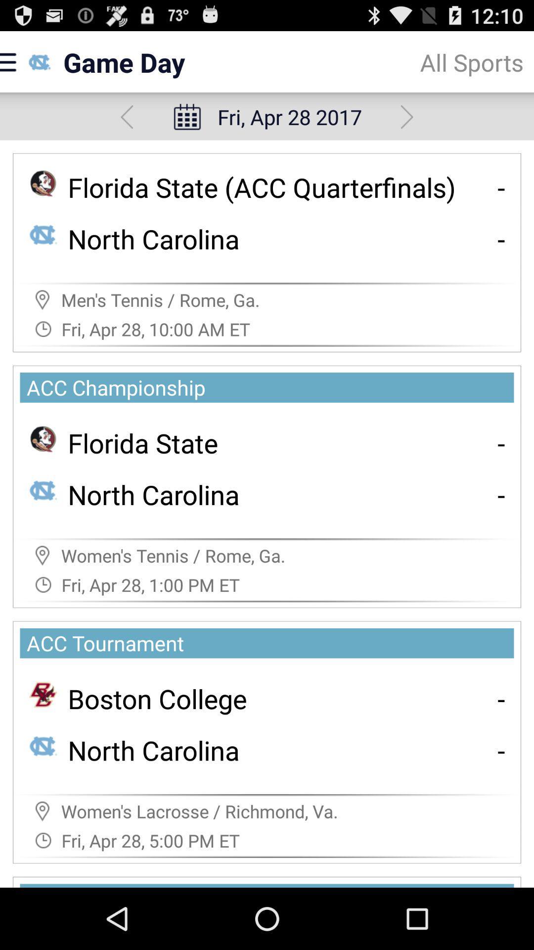 The height and width of the screenshot is (950, 534). What do you see at coordinates (407, 117) in the screenshot?
I see `show next schedule` at bounding box center [407, 117].